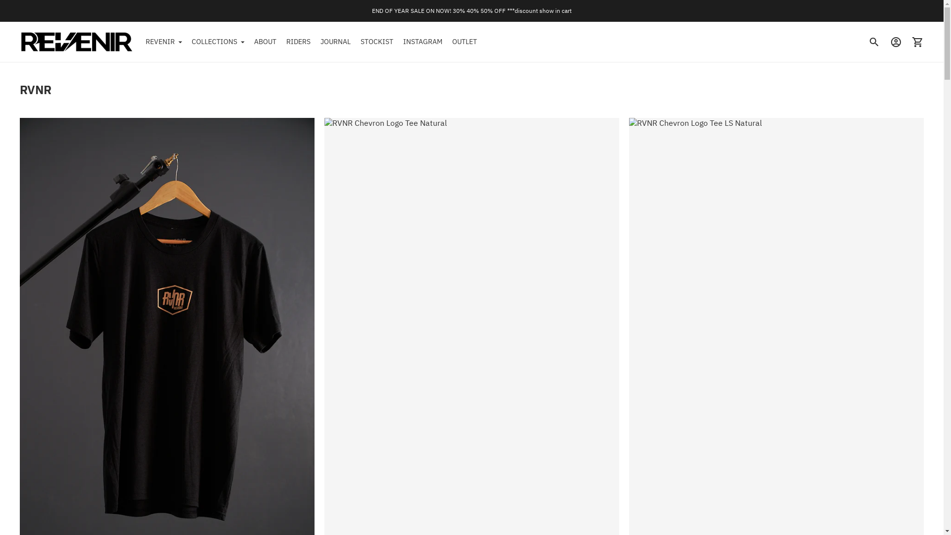 The image size is (951, 535). Describe the element at coordinates (265, 41) in the screenshot. I see `'ABOUT'` at that location.